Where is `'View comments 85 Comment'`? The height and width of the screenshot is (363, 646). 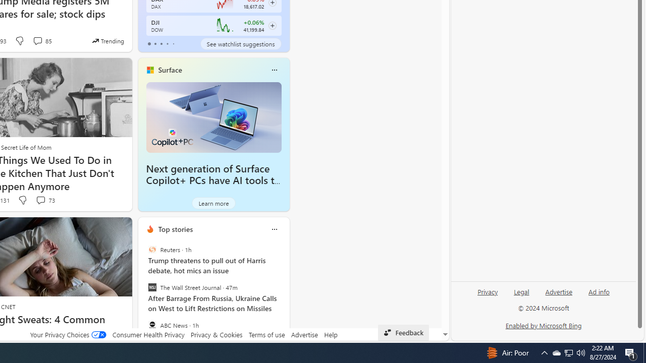 'View comments 85 Comment' is located at coordinates (41, 40).